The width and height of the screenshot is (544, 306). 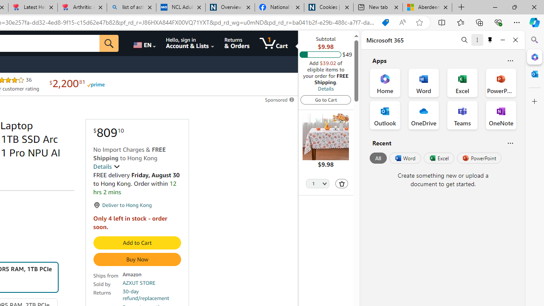 I want to click on 'Teams Office App', so click(x=462, y=115).